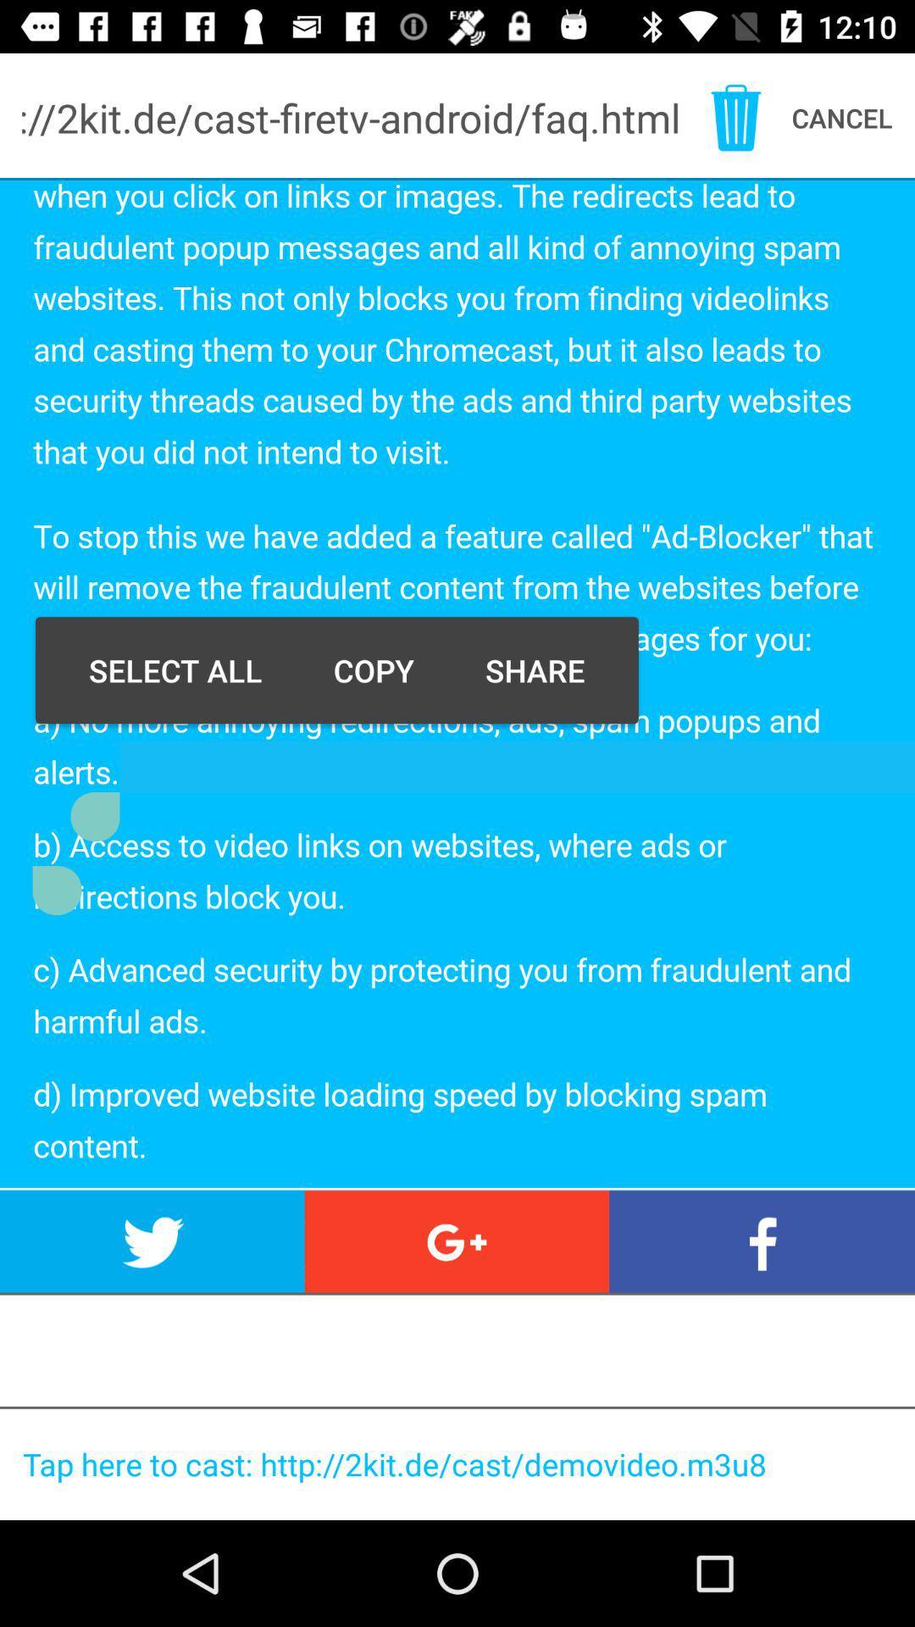 The width and height of the screenshot is (915, 1627). Describe the element at coordinates (735, 117) in the screenshot. I see `the icon which is at the top right corner` at that location.